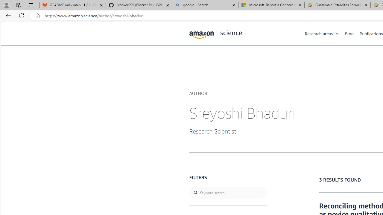  What do you see at coordinates (349, 33) in the screenshot?
I see `'Blog'` at bounding box center [349, 33].